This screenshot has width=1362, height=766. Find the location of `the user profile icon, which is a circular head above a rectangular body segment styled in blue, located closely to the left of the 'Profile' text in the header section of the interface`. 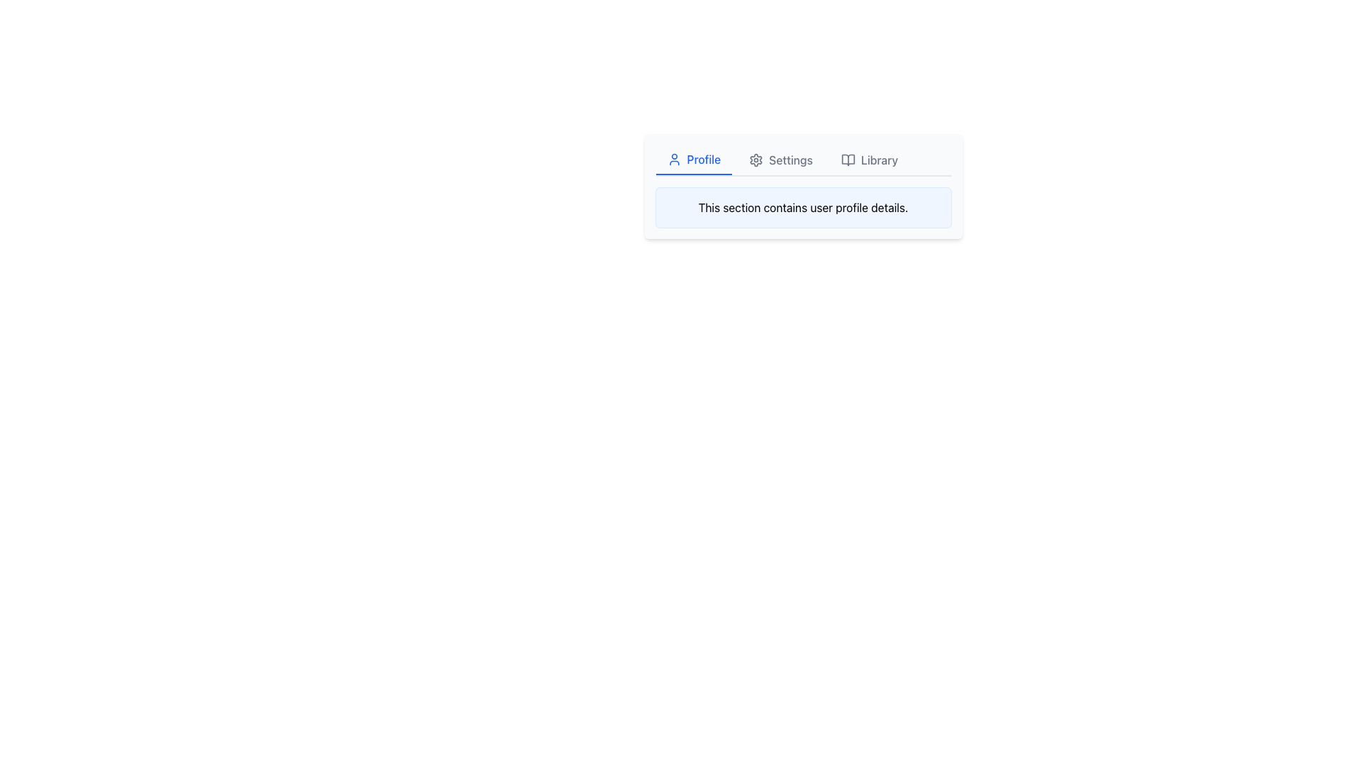

the user profile icon, which is a circular head above a rectangular body segment styled in blue, located closely to the left of the 'Profile' text in the header section of the interface is located at coordinates (673, 159).